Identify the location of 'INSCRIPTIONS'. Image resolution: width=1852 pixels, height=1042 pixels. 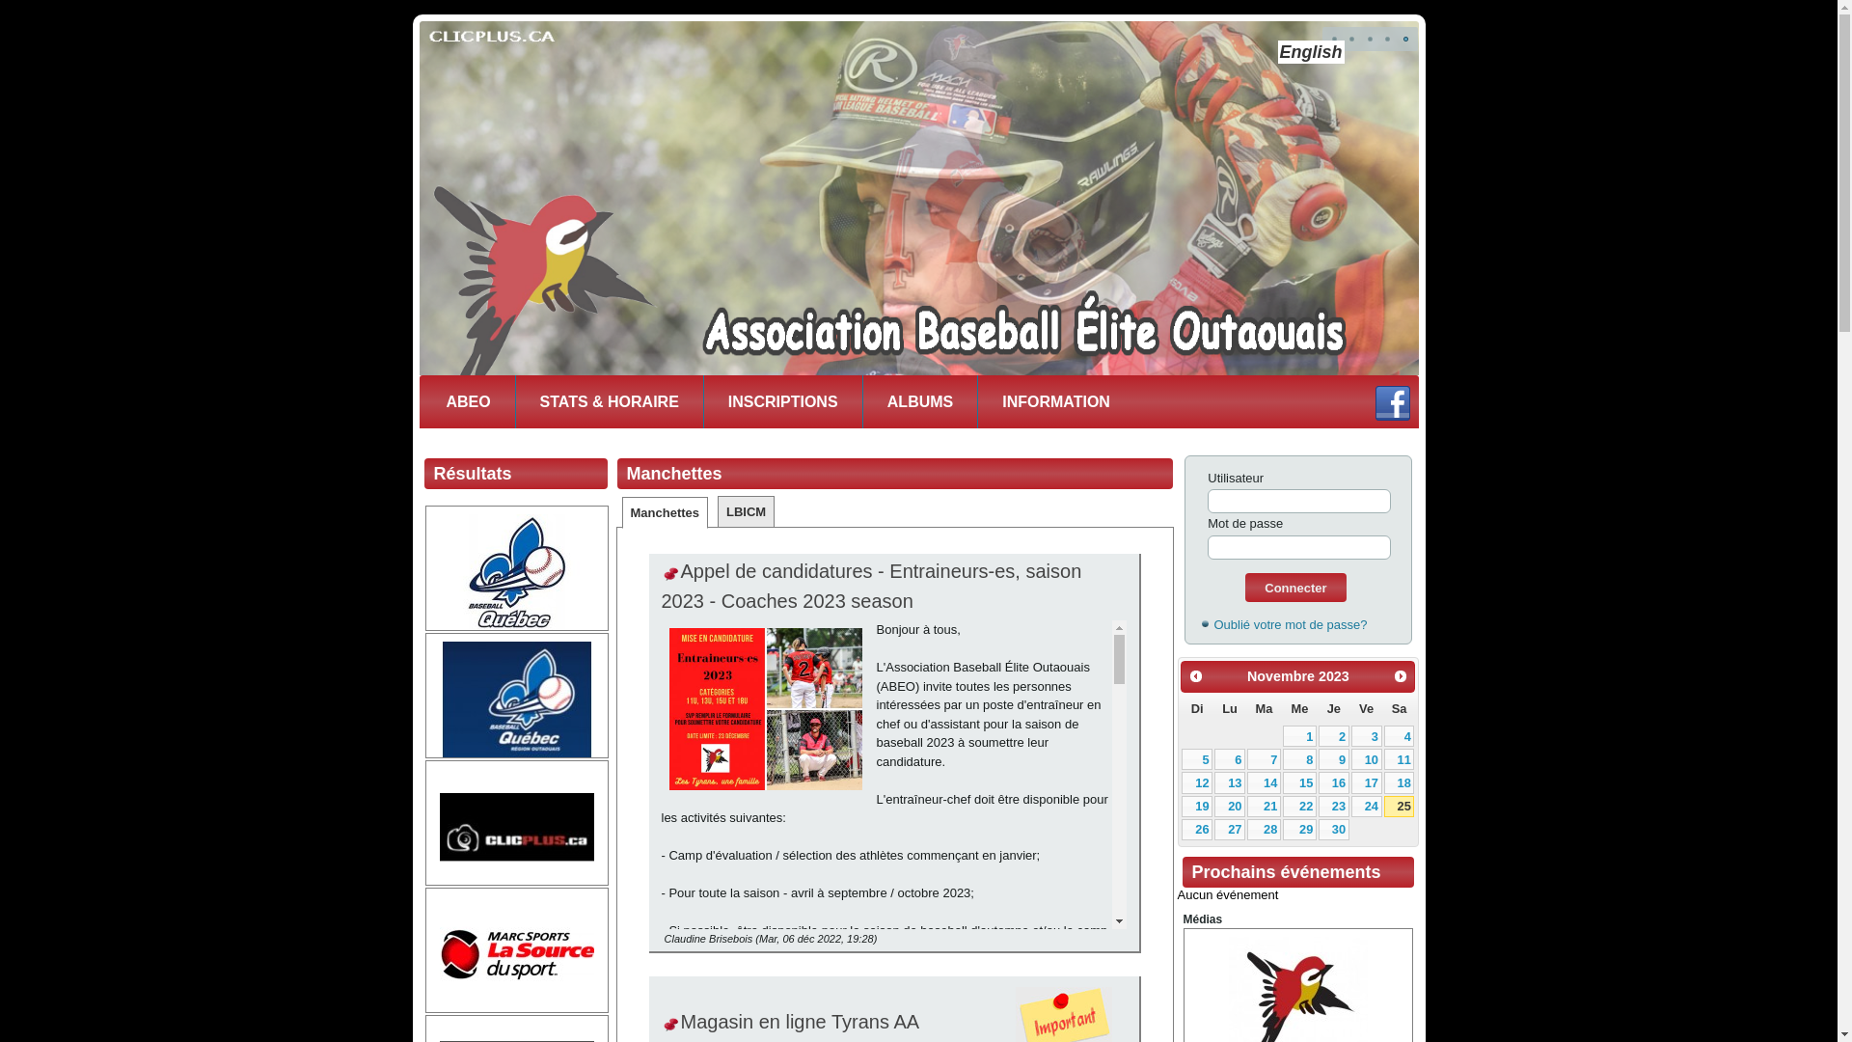
(702, 400).